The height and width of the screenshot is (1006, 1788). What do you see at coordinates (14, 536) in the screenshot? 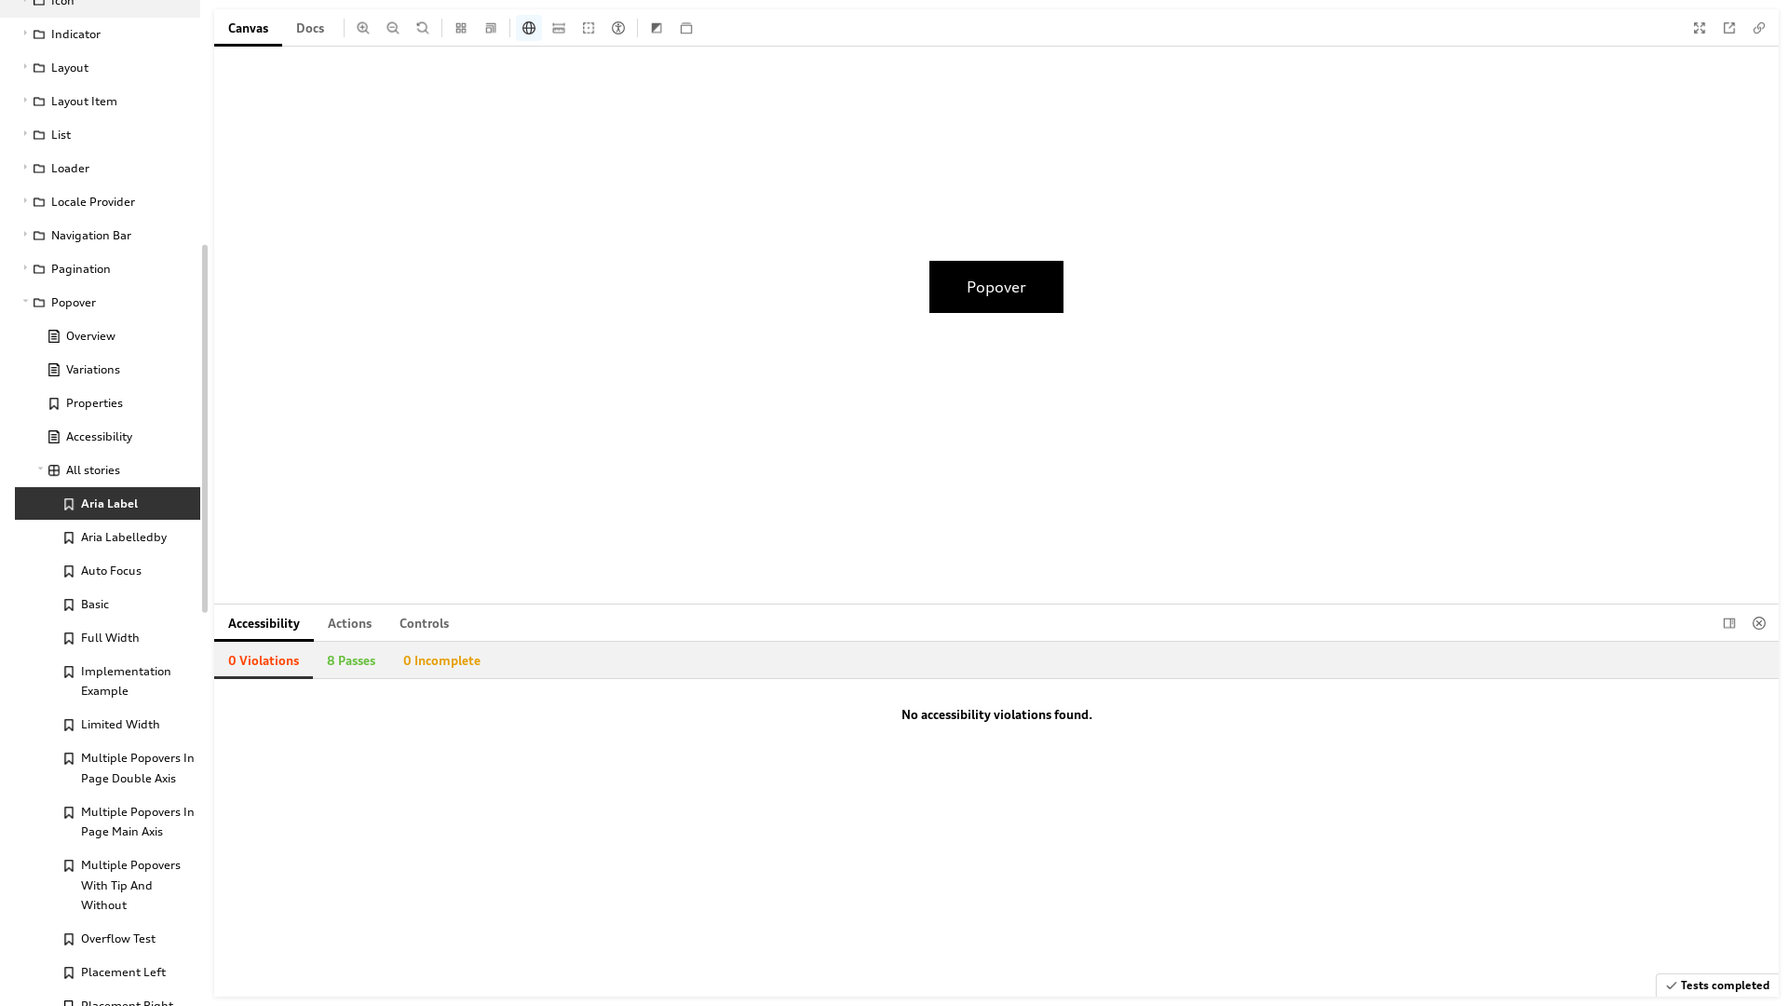
I see `'Aria Labelledby'` at bounding box center [14, 536].